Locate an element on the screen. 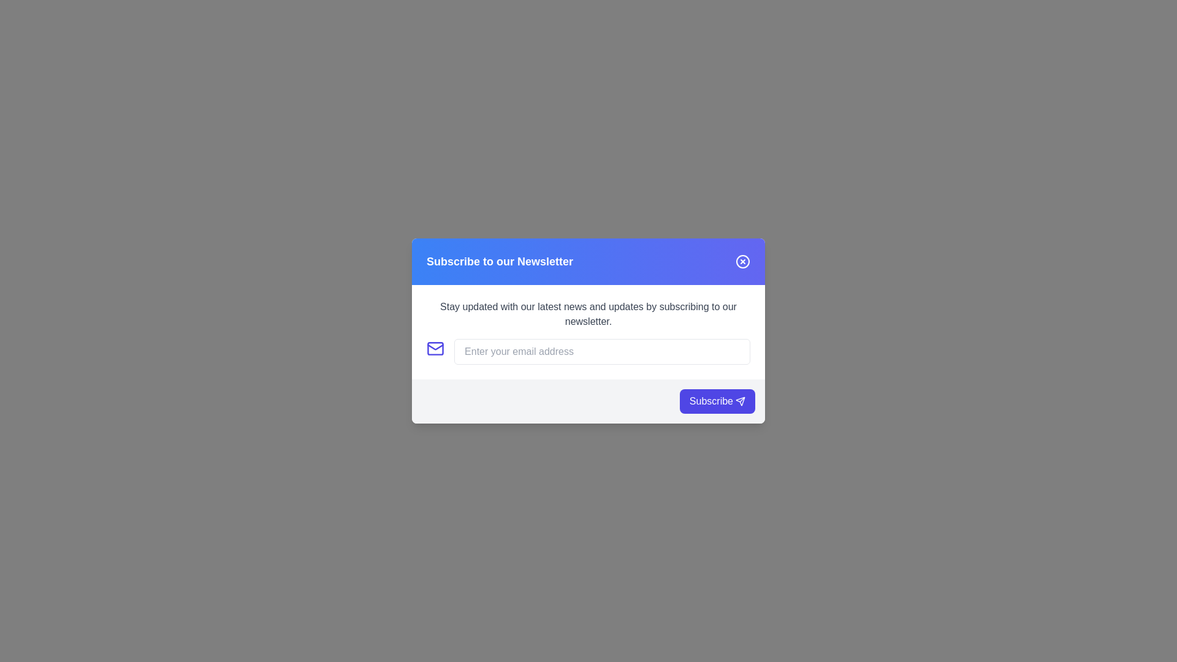 The image size is (1177, 662). the 'X' button in the header to close the dialog is located at coordinates (742, 261).